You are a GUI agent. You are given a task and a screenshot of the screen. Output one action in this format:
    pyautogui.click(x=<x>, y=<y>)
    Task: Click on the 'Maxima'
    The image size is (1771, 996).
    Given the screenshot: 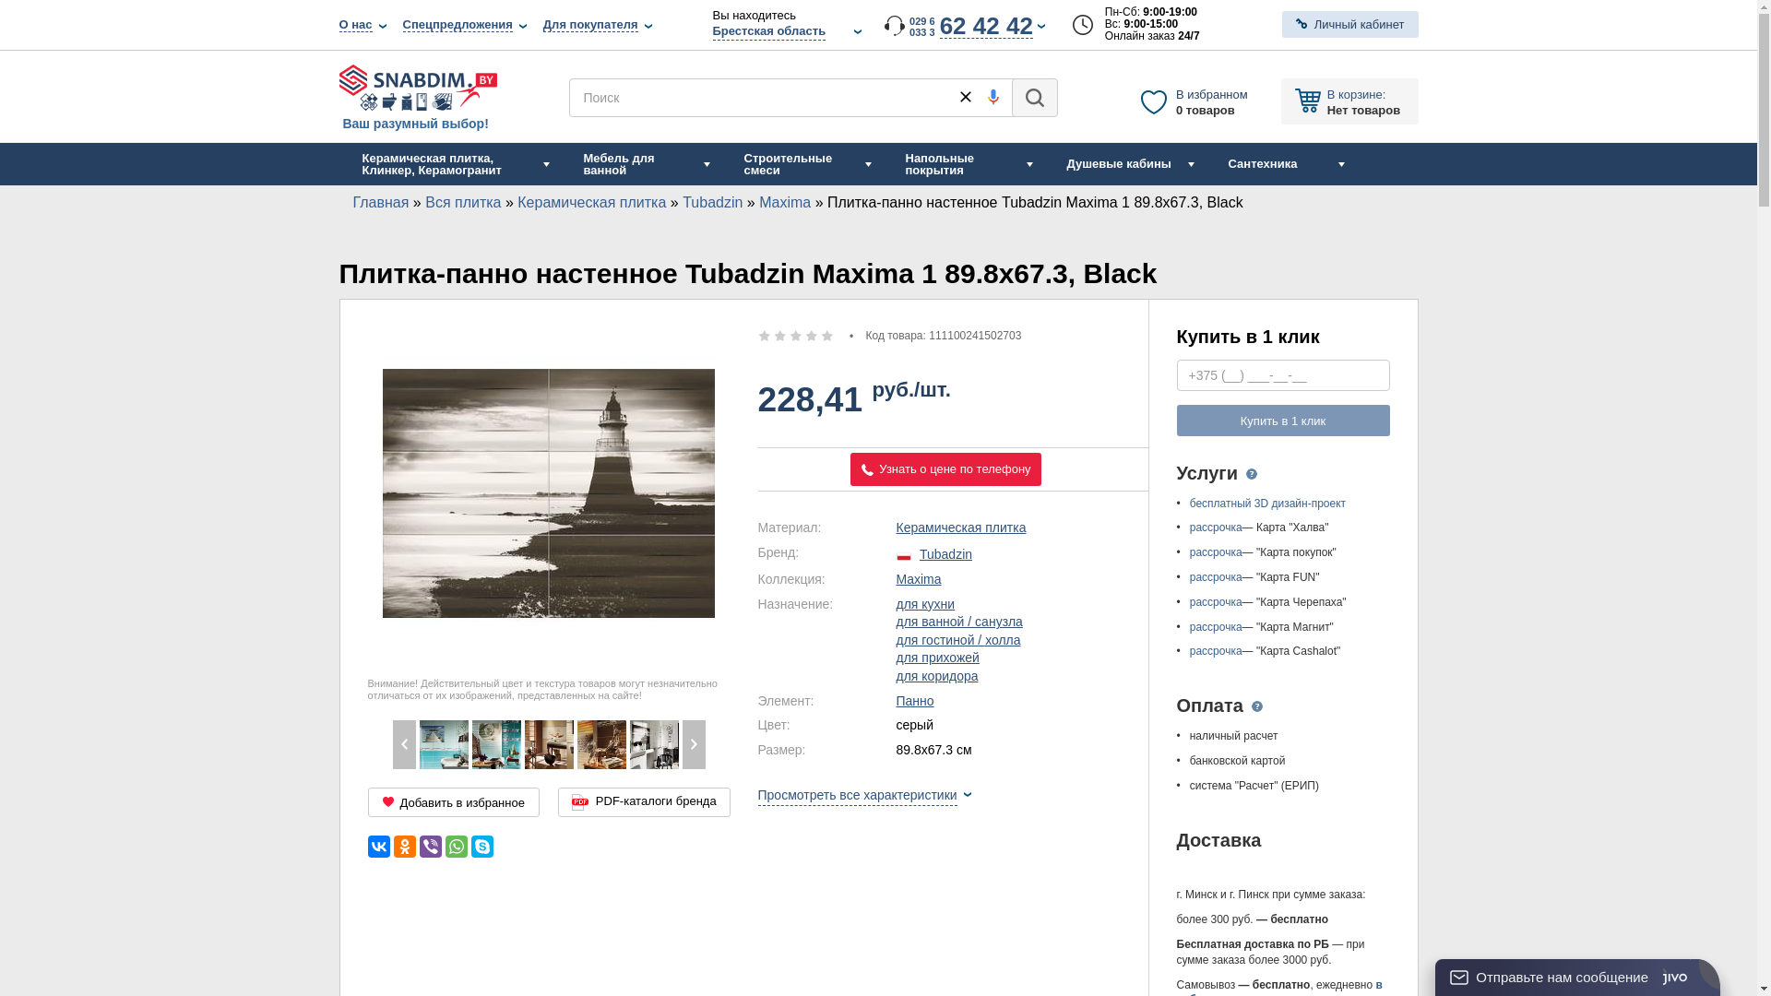 What is the action you would take?
    pyautogui.click(x=390, y=743)
    